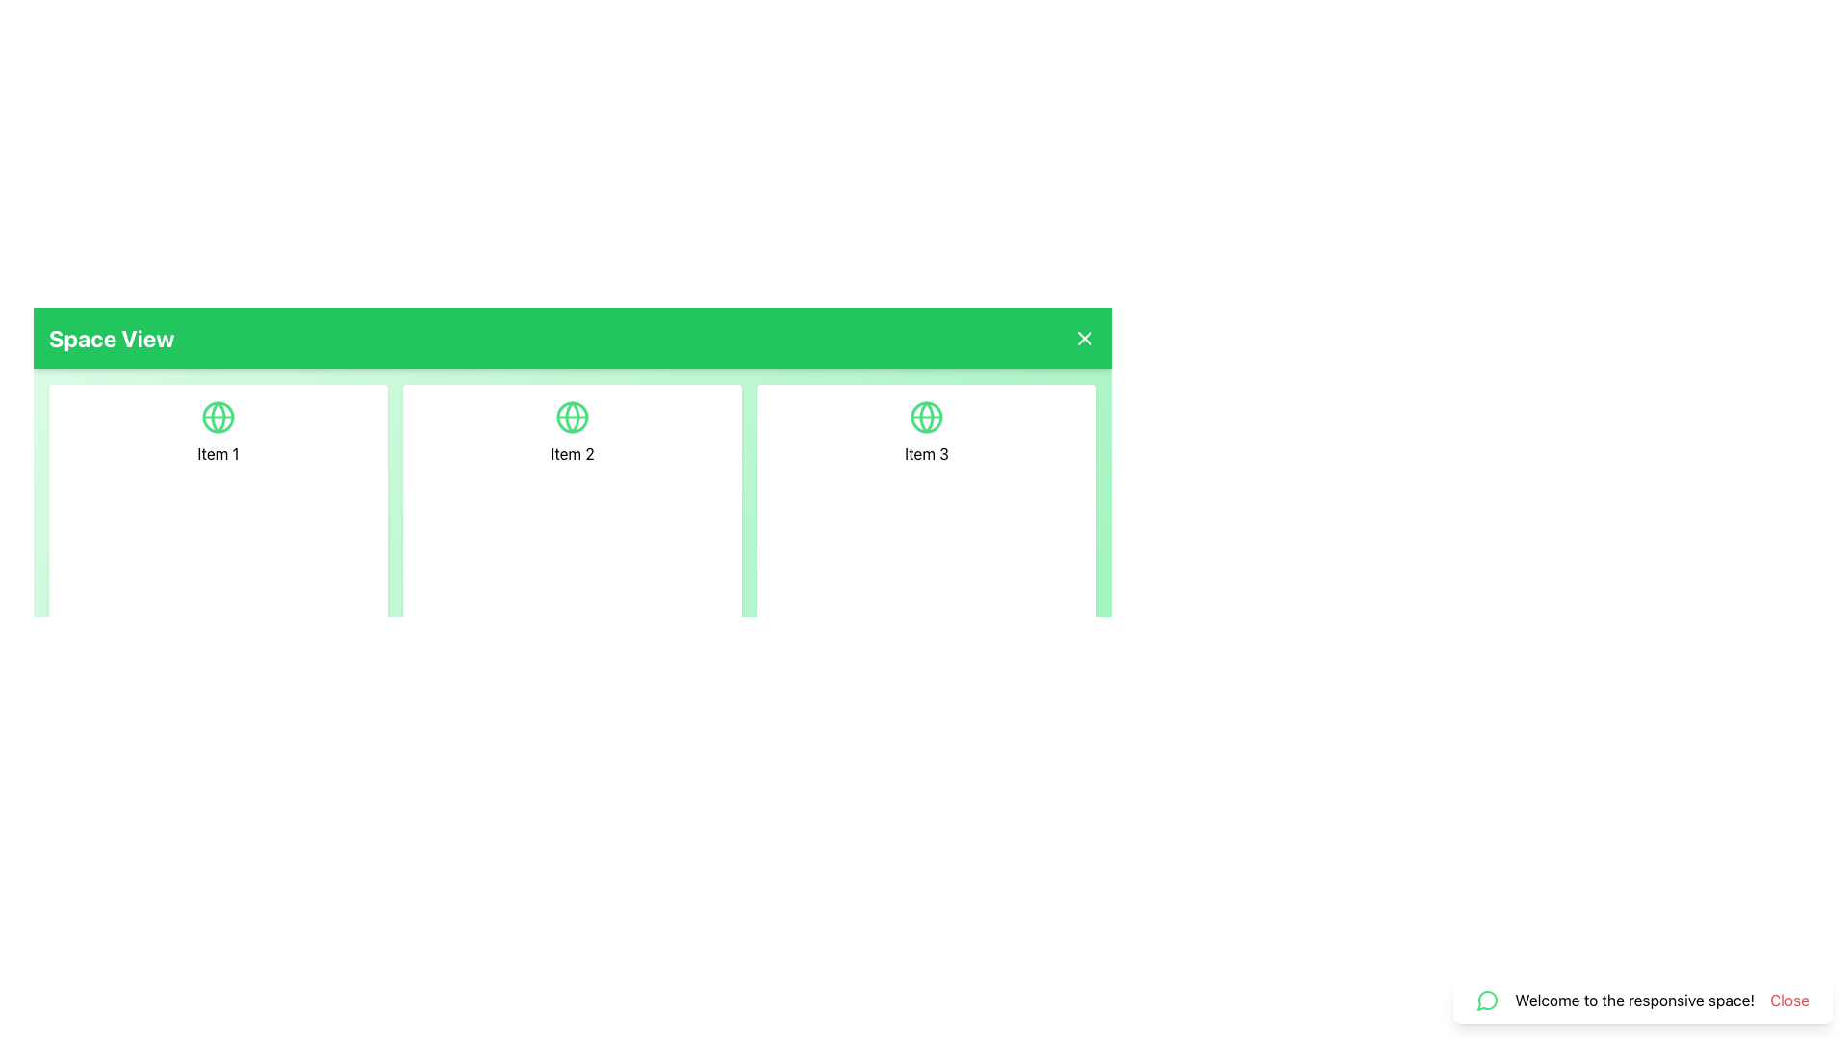 The image size is (1848, 1039). Describe the element at coordinates (1085, 337) in the screenshot. I see `the close button located at the far right edge of the green header bar` at that location.